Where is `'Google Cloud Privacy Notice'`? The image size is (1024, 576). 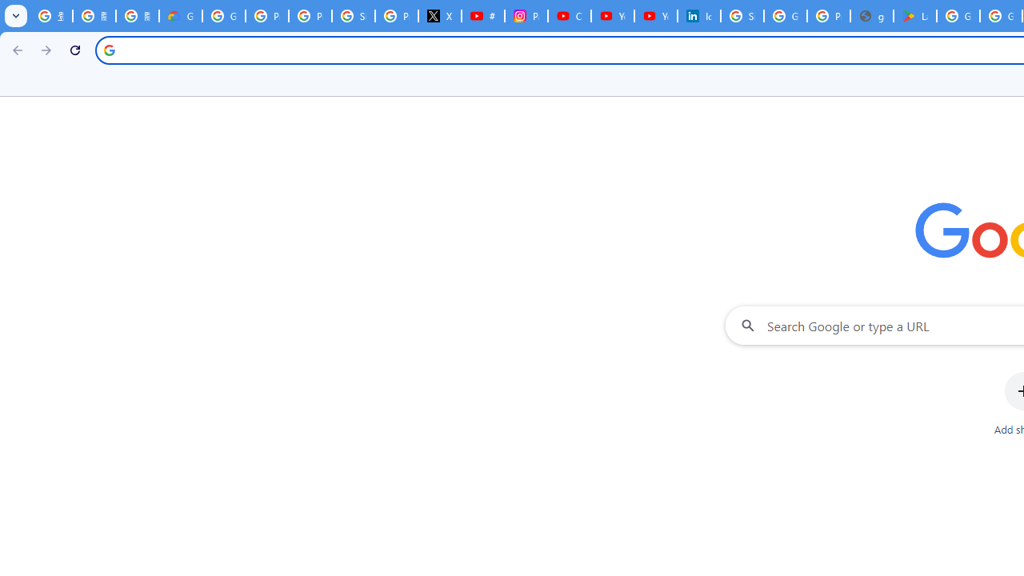 'Google Cloud Privacy Notice' is located at coordinates (180, 16).